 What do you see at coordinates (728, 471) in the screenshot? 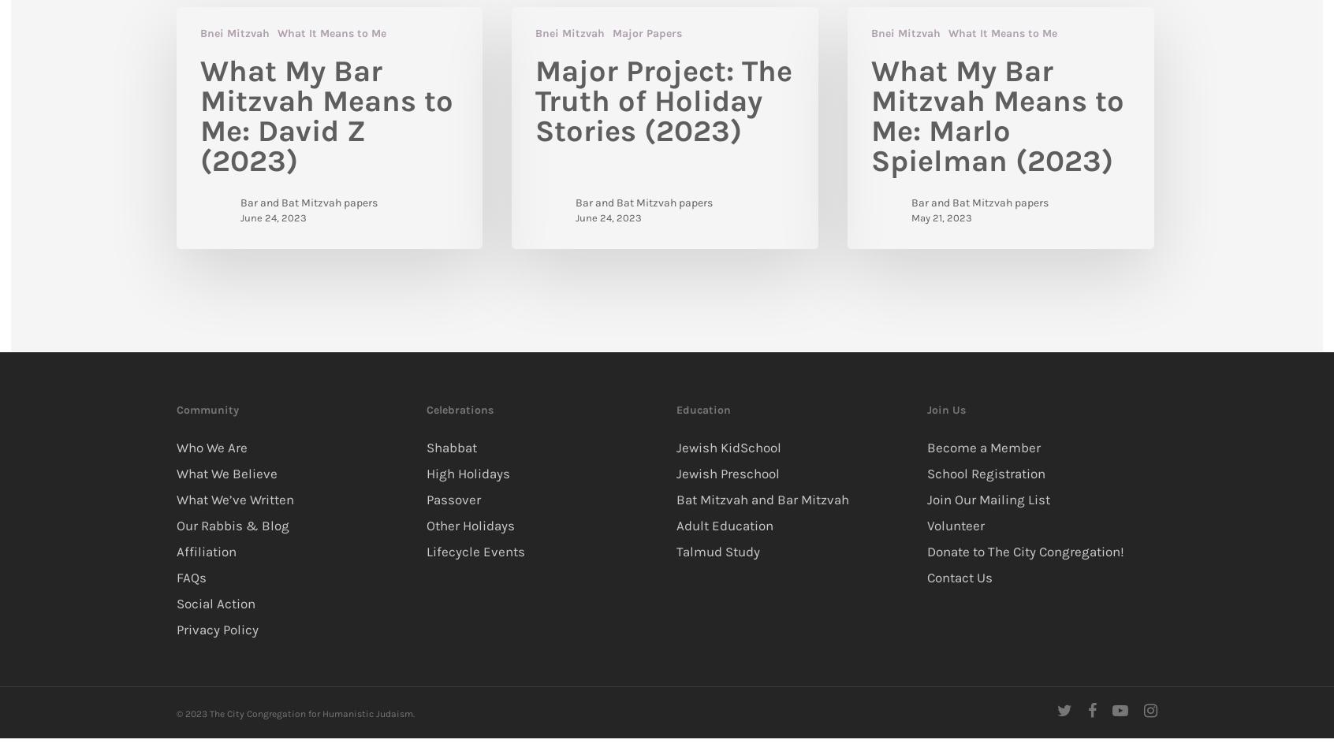
I see `'Jewish Preschool'` at bounding box center [728, 471].